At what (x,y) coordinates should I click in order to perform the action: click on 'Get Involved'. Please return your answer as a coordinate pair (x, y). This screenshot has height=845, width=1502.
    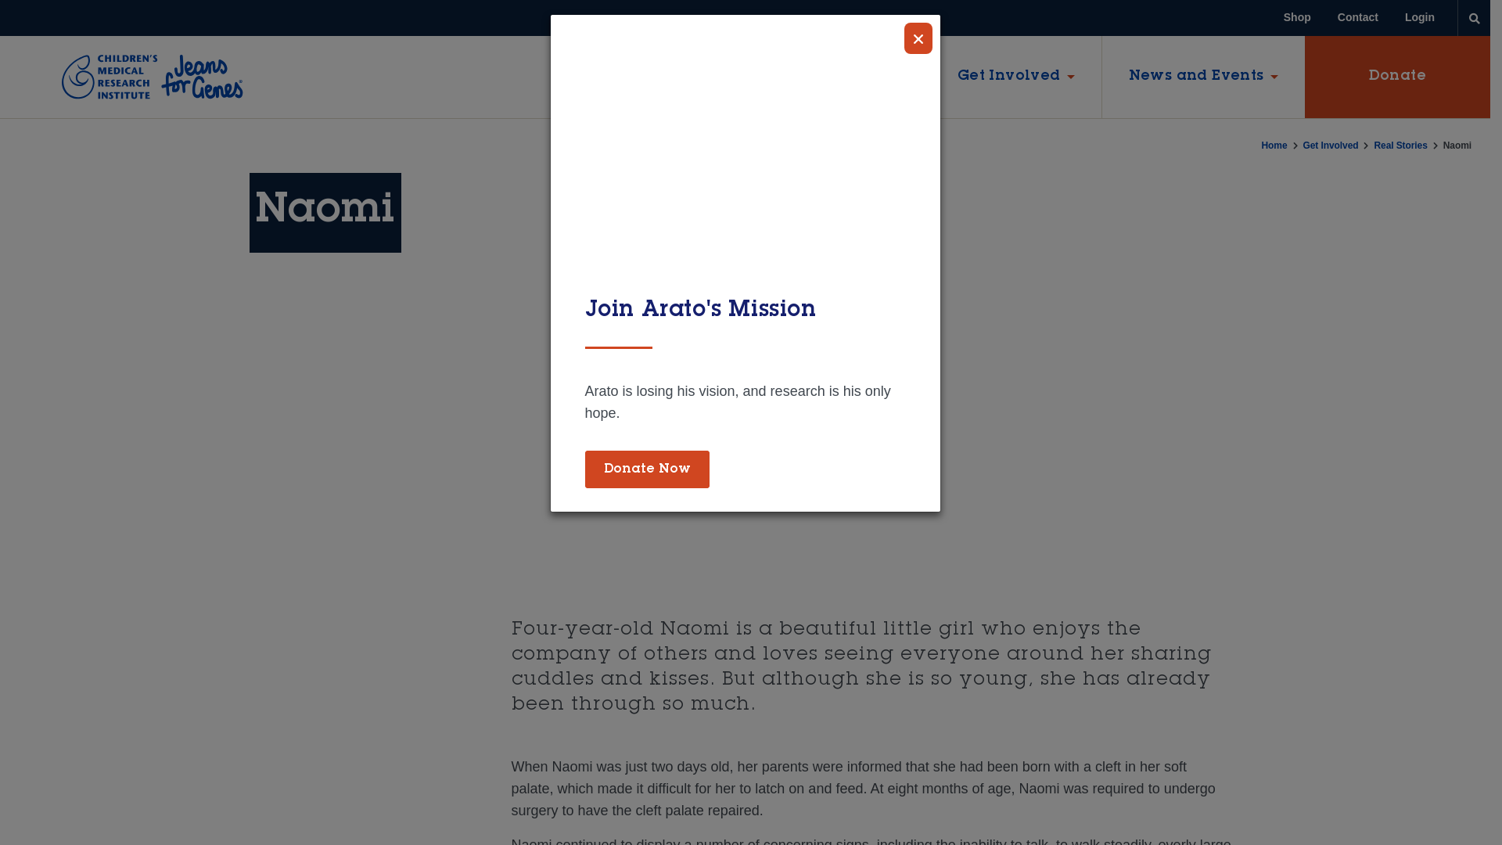
    Looking at the image, I should click on (1016, 77).